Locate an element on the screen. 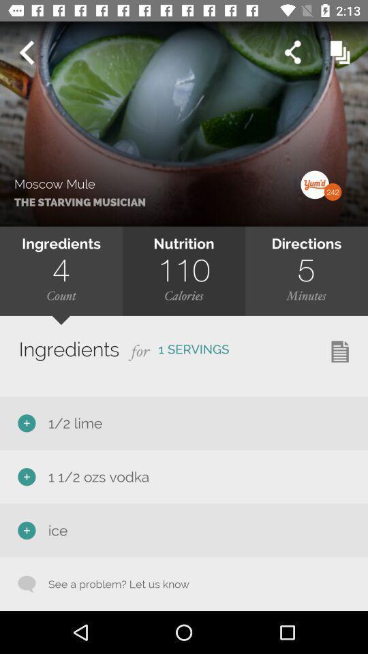 Image resolution: width=368 pixels, height=654 pixels. ice is located at coordinates (55, 529).